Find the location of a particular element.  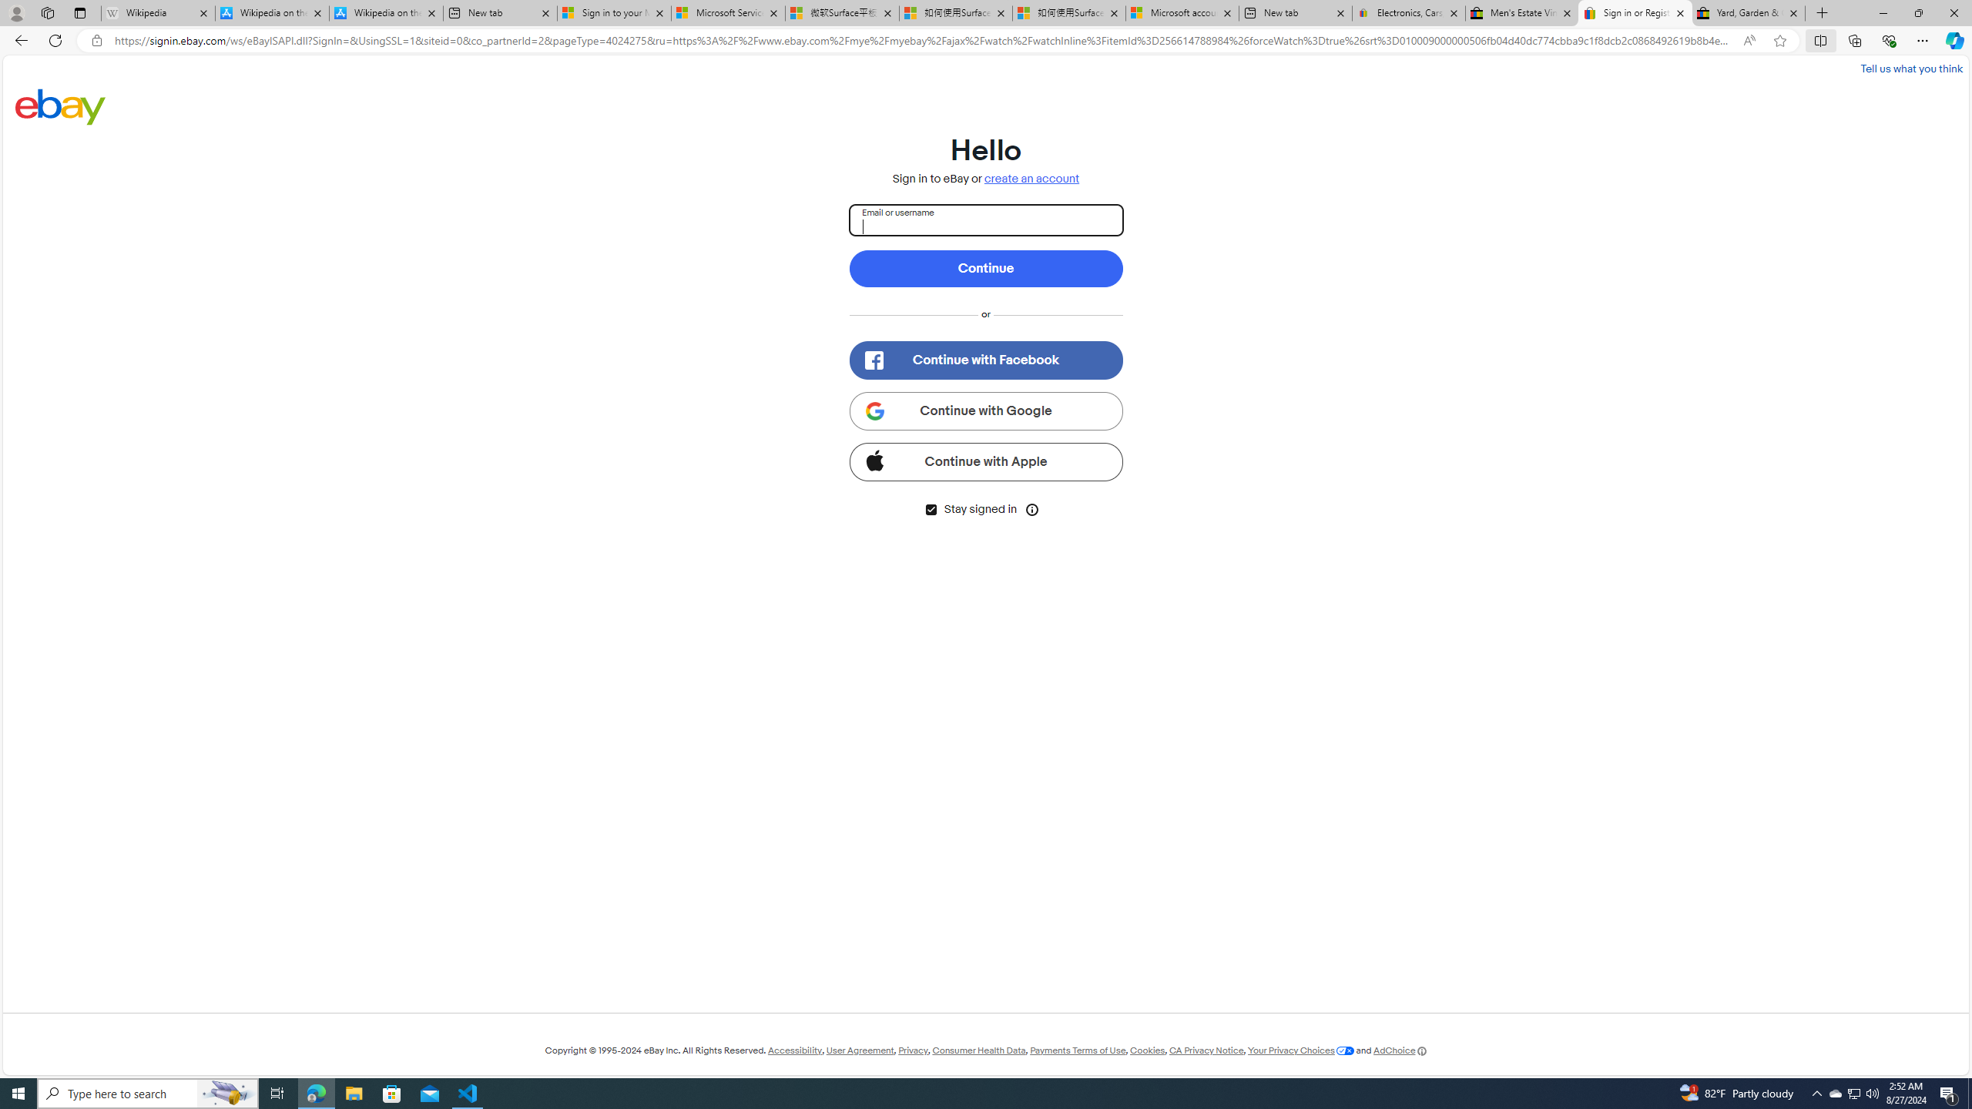

'Continue with Facebook' is located at coordinates (986, 360).